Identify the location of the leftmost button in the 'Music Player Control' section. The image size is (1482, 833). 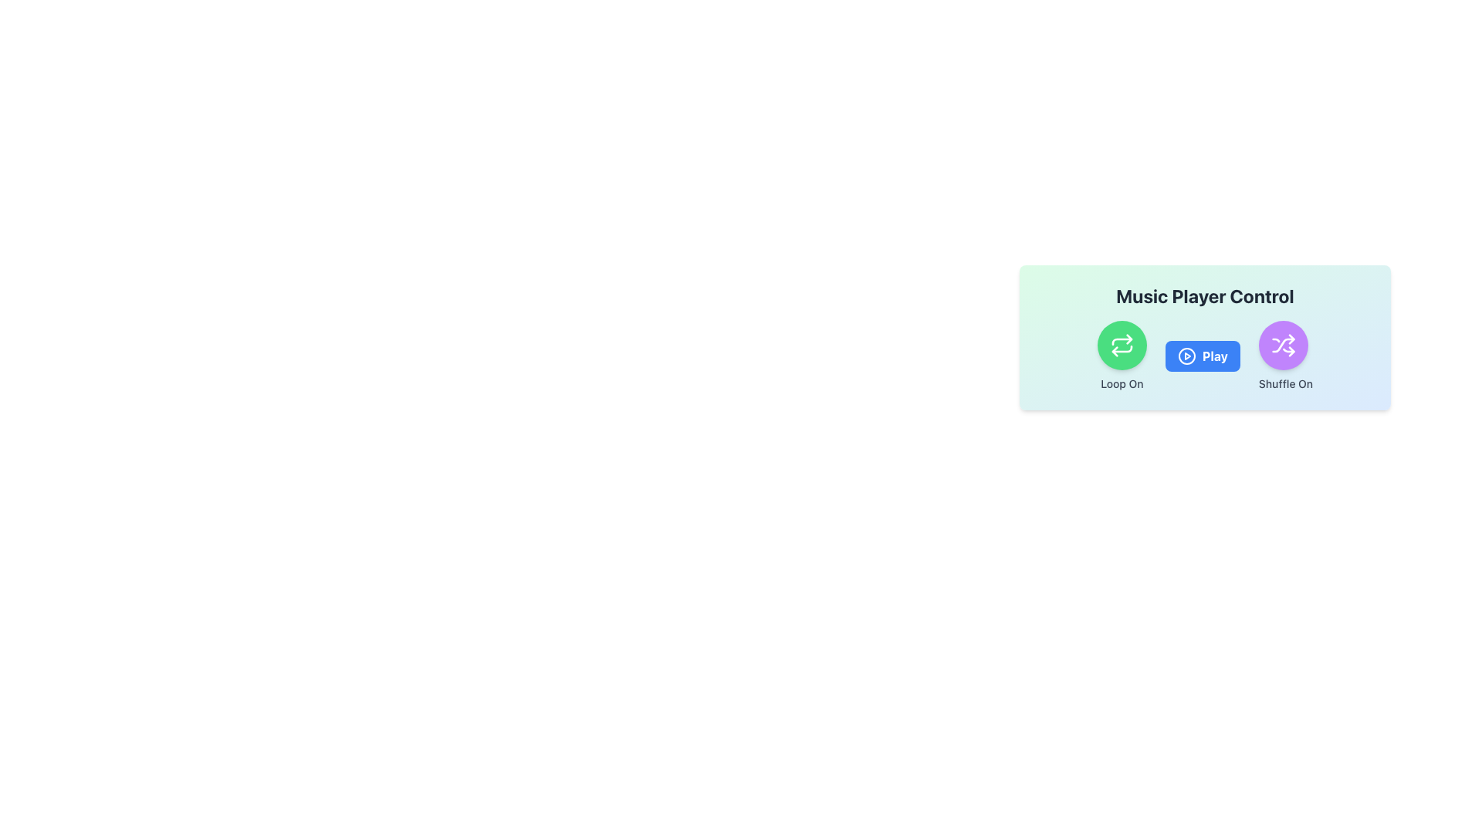
(1122, 356).